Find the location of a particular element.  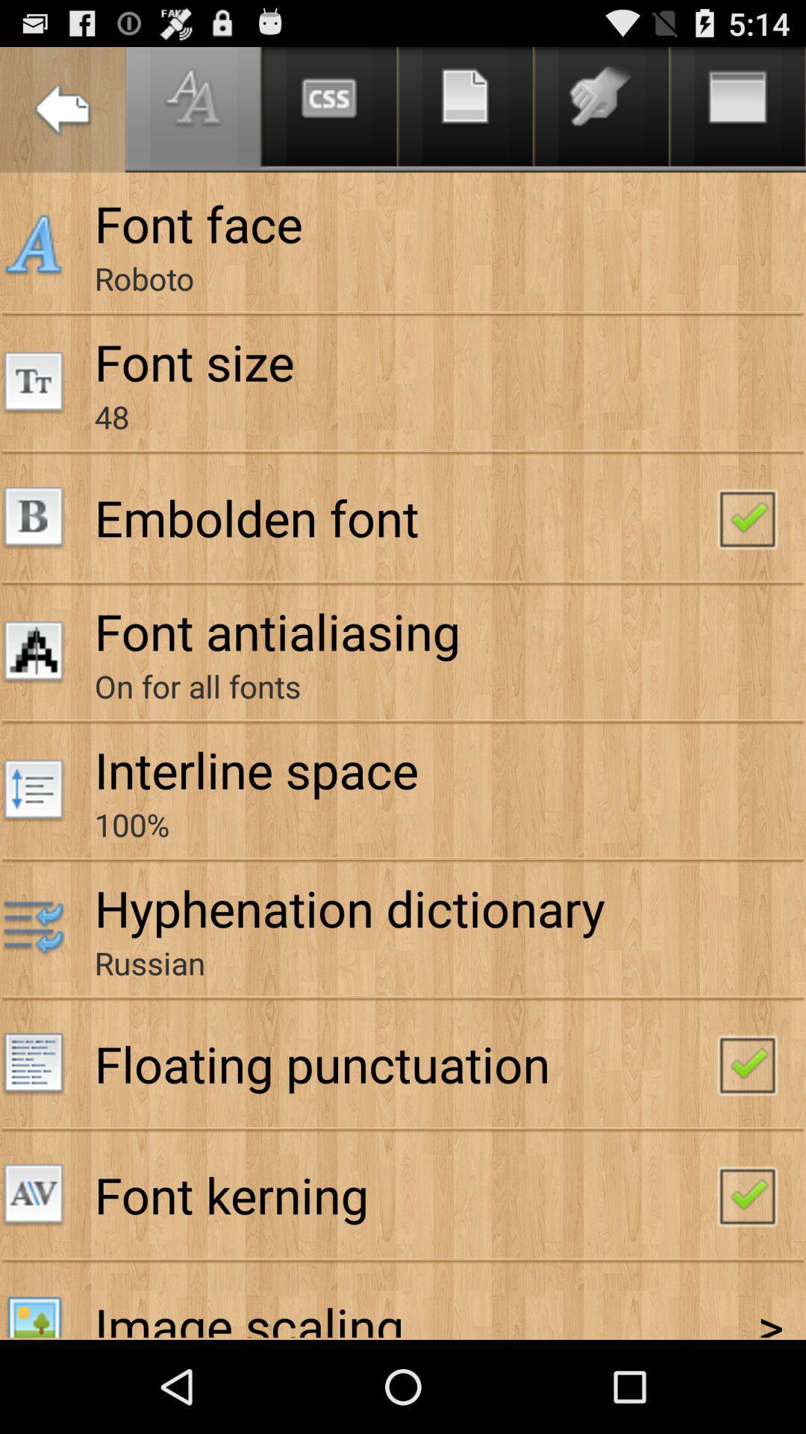

item above the font face item is located at coordinates (62, 109).